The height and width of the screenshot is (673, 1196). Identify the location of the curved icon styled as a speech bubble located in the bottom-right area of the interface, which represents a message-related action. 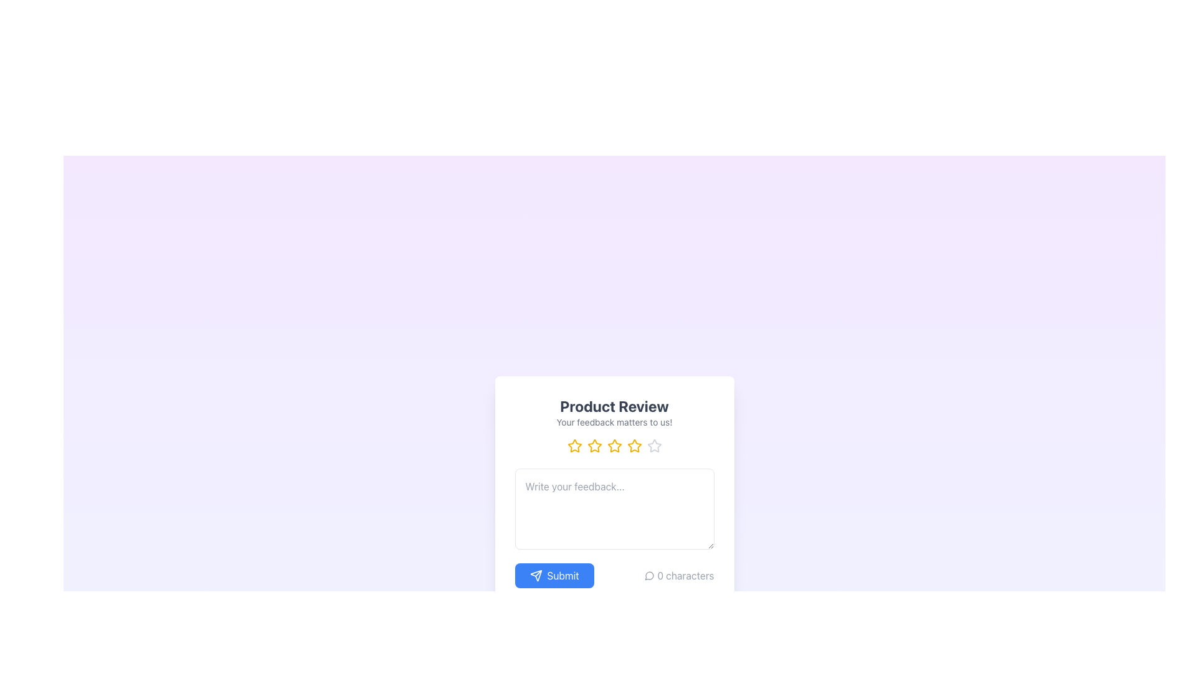
(648, 576).